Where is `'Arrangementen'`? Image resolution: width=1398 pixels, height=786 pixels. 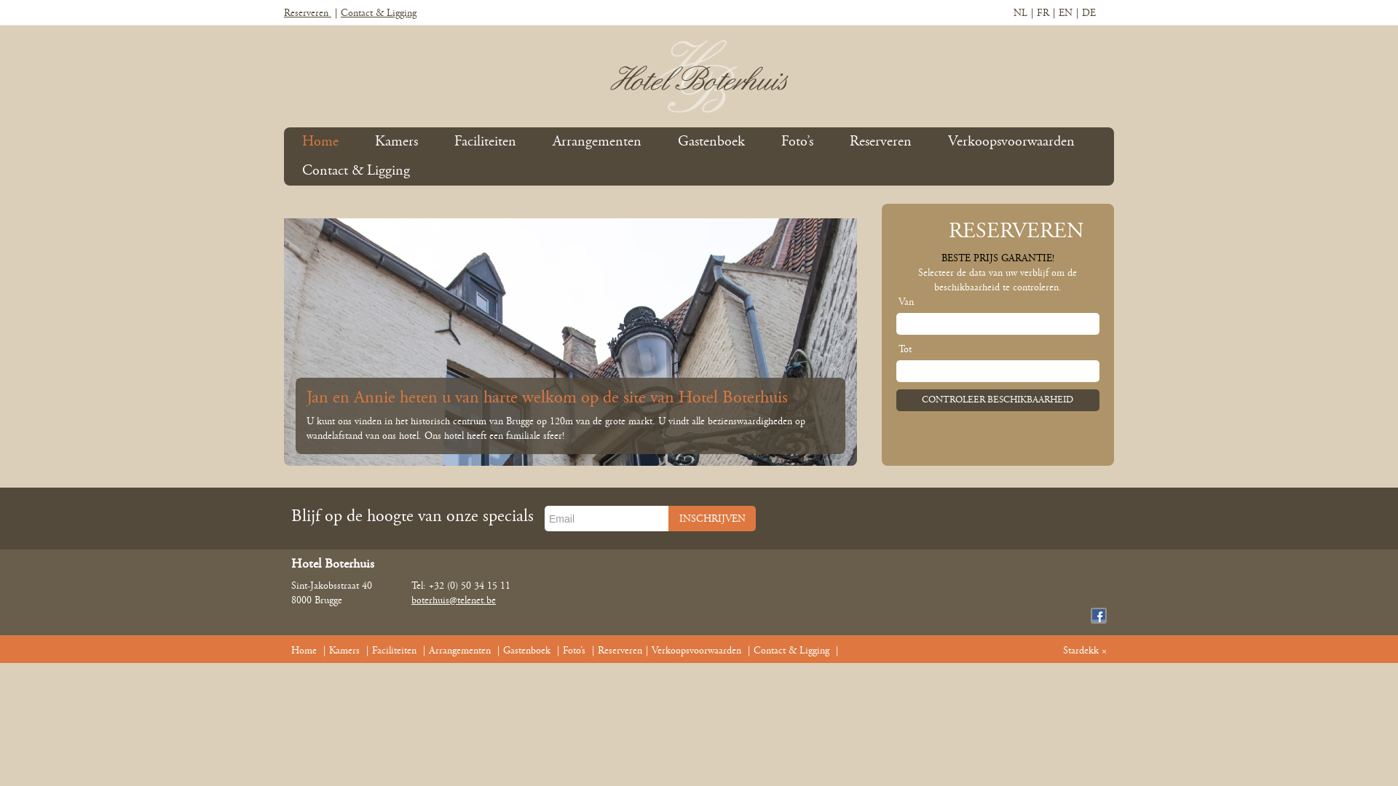
'Arrangementen' is located at coordinates (597, 142).